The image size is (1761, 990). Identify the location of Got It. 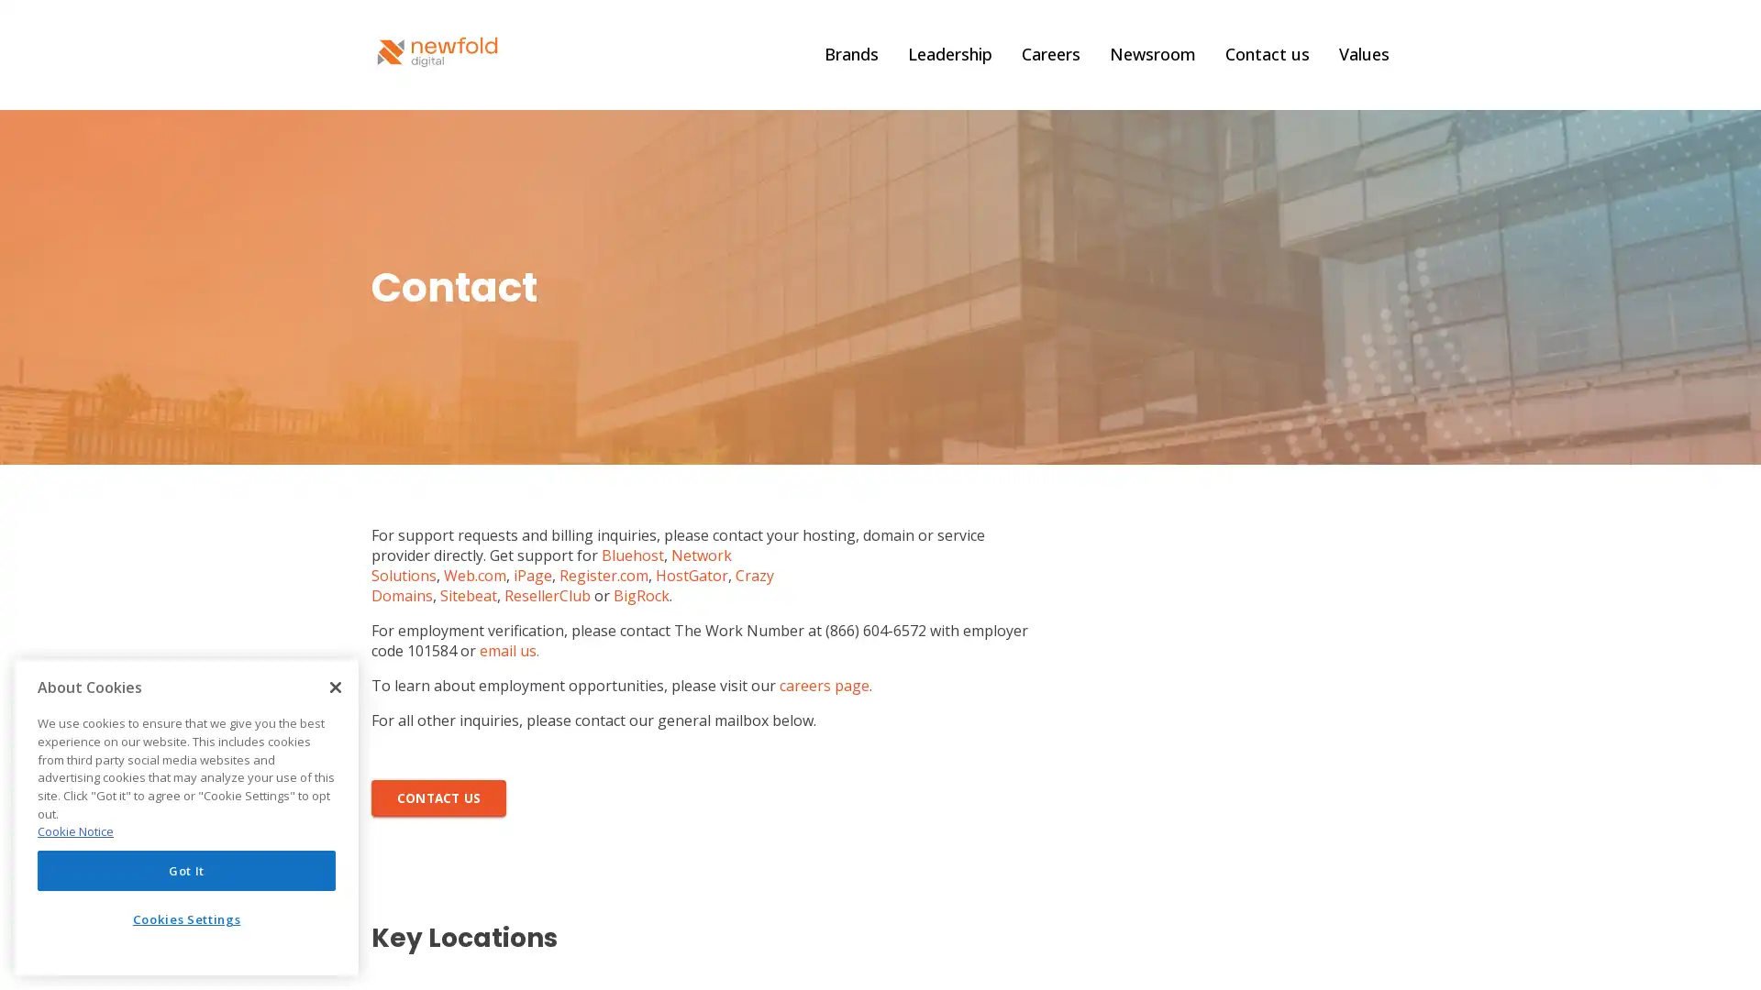
(186, 869).